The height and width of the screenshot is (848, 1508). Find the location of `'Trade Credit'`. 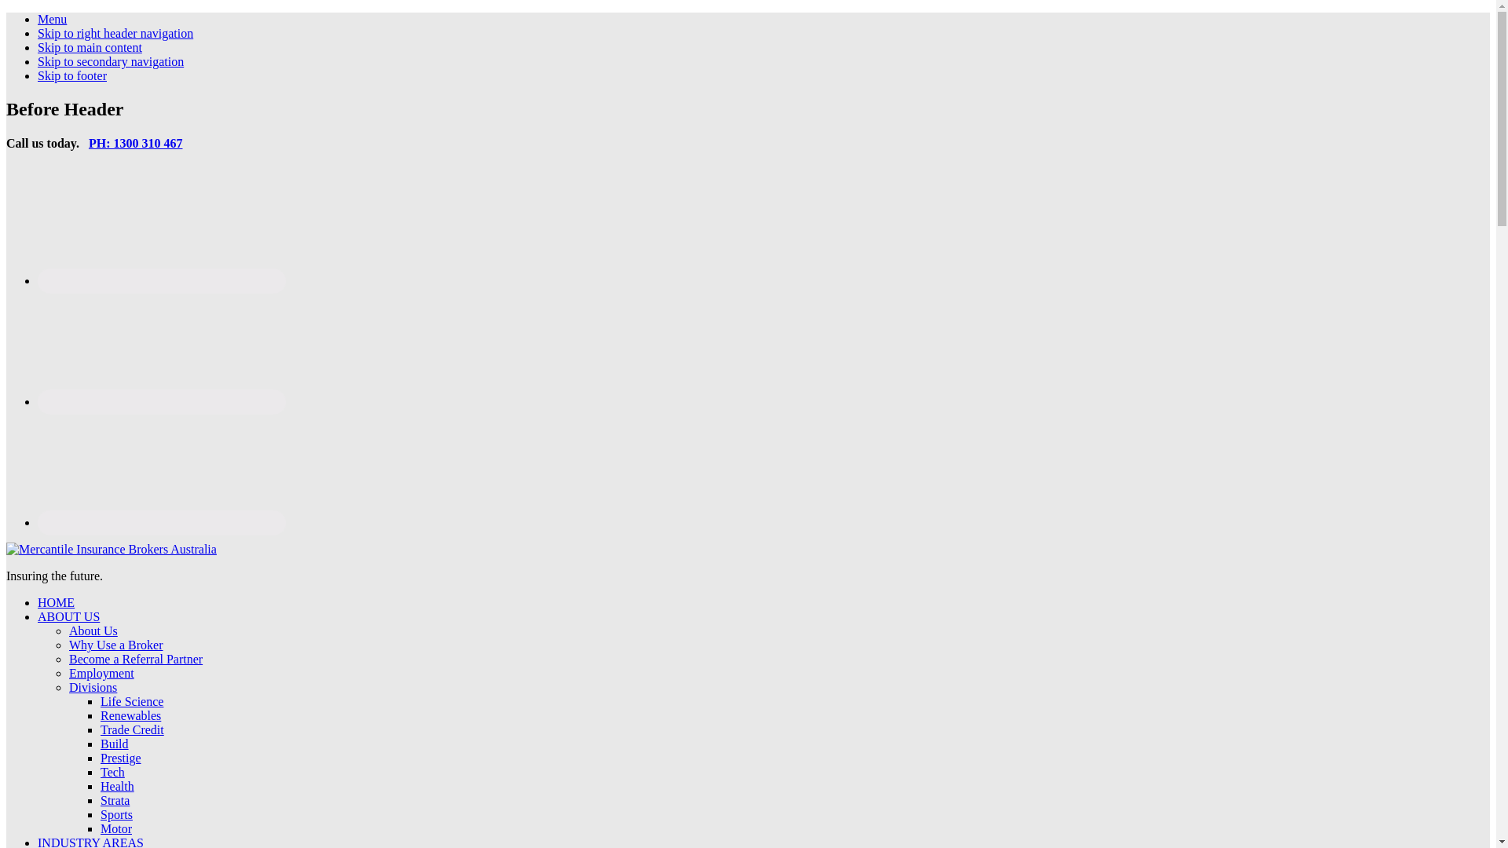

'Trade Credit' is located at coordinates (132, 729).